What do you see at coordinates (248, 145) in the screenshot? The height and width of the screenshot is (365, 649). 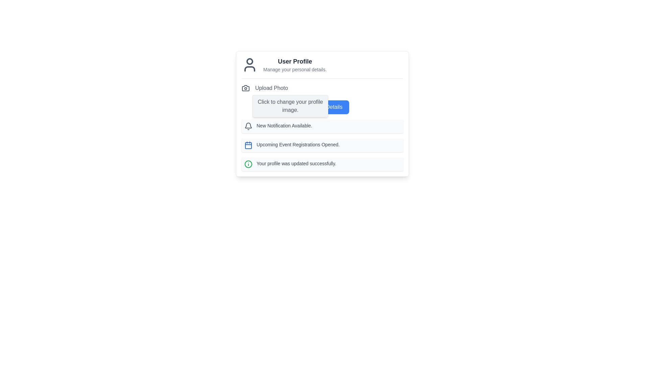 I see `the inner square of the calendar icon, which represents the core section for dates or events, located near the 'Upcoming Event Registrations Opened' text` at bounding box center [248, 145].